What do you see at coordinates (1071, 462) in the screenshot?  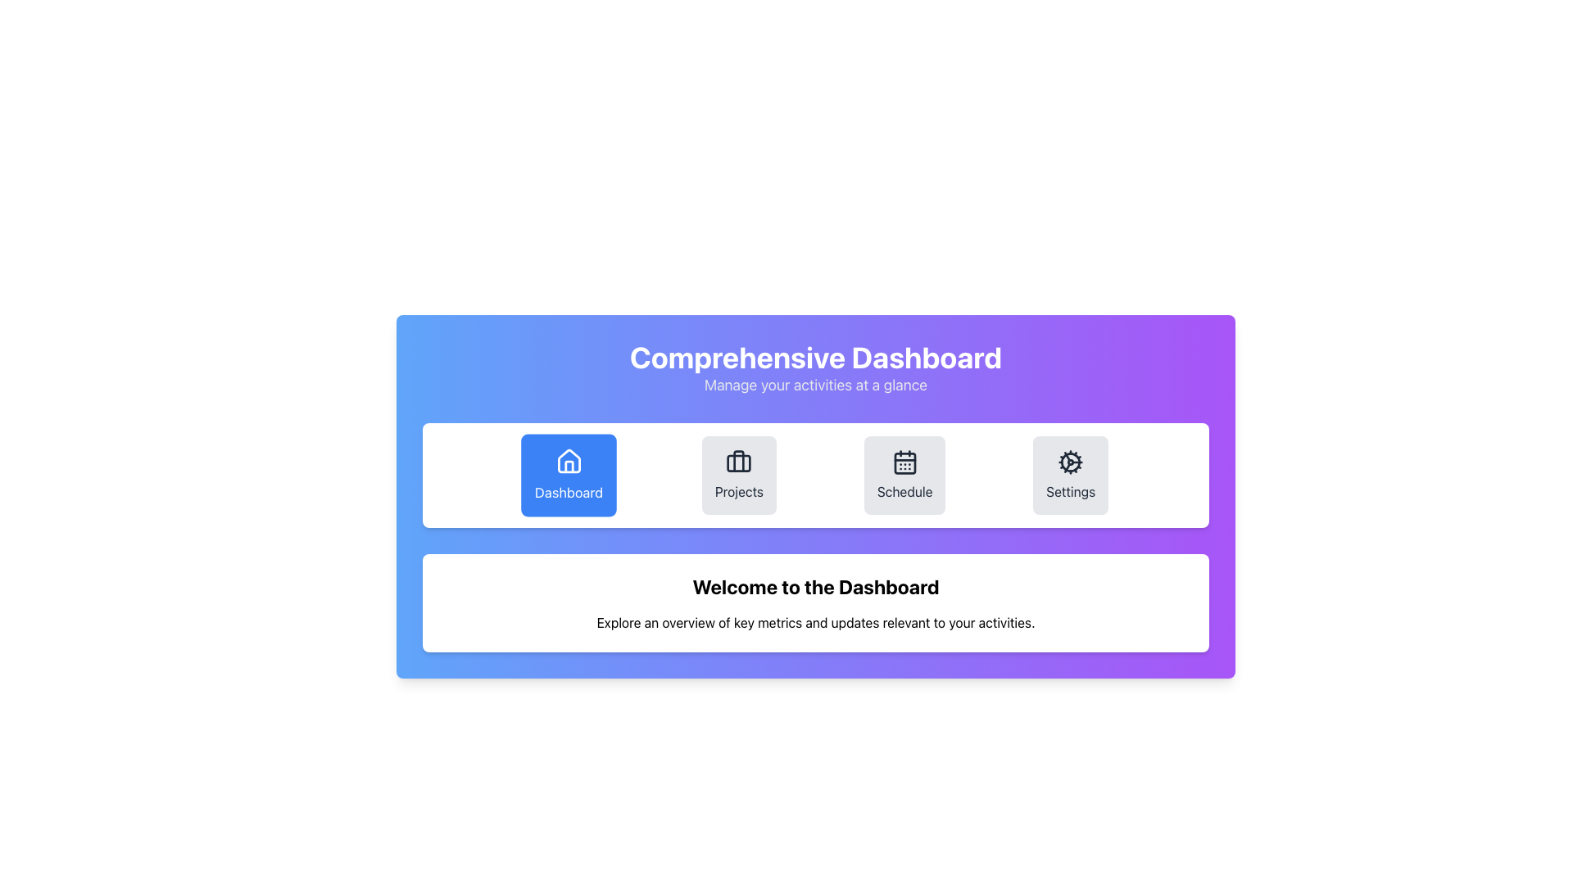 I see `the settings icon represented by a cogwheel, located within a button labeled 'Settings'` at bounding box center [1071, 462].